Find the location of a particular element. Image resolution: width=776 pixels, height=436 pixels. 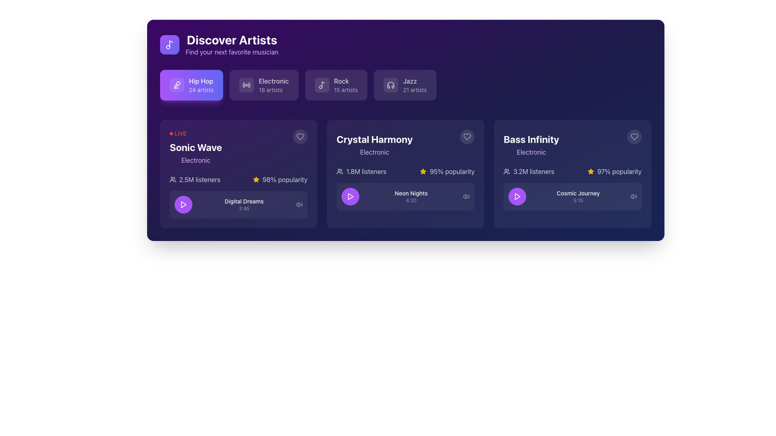

the group of individuals icon next to the '1.8M listeners' text within the 'Crystal Harmony' card is located at coordinates (339, 171).